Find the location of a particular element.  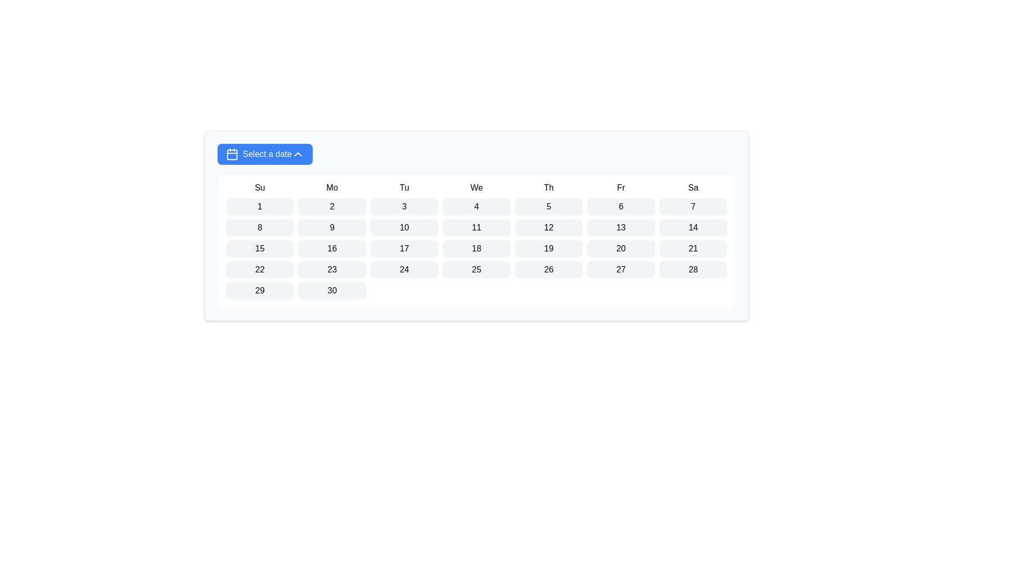

the button representing the 7th day of the month in the calendar interface to trigger hover effects is located at coordinates (693, 206).